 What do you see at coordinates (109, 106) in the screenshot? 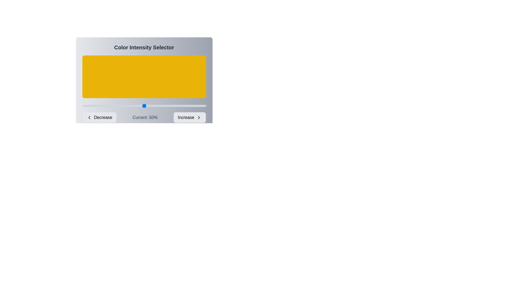
I see `color intensity` at bounding box center [109, 106].